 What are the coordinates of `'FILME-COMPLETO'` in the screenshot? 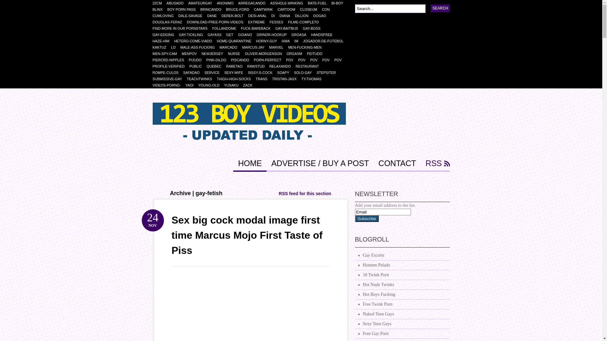 It's located at (288, 21).